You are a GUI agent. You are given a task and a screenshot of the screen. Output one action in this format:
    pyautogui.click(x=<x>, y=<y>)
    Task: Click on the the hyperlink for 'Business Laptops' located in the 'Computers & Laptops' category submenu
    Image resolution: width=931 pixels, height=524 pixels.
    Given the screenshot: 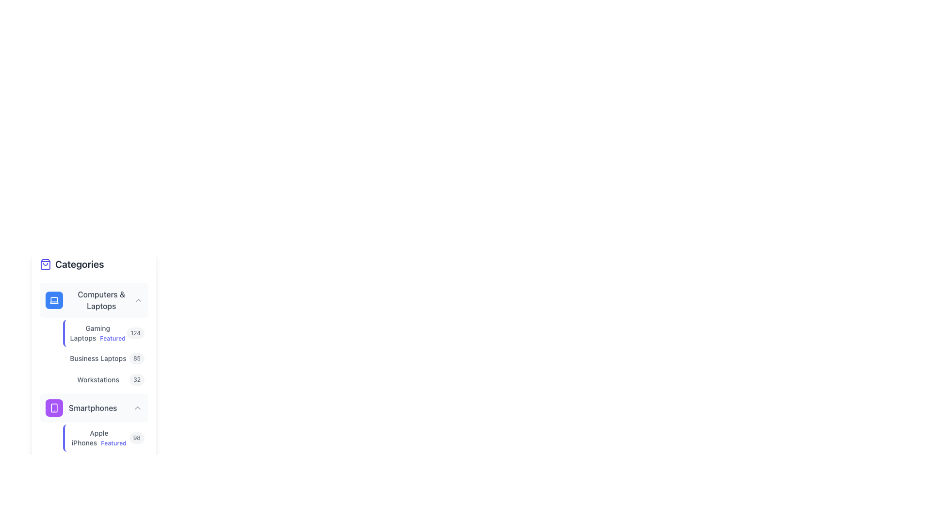 What is the action you would take?
    pyautogui.click(x=98, y=359)
    